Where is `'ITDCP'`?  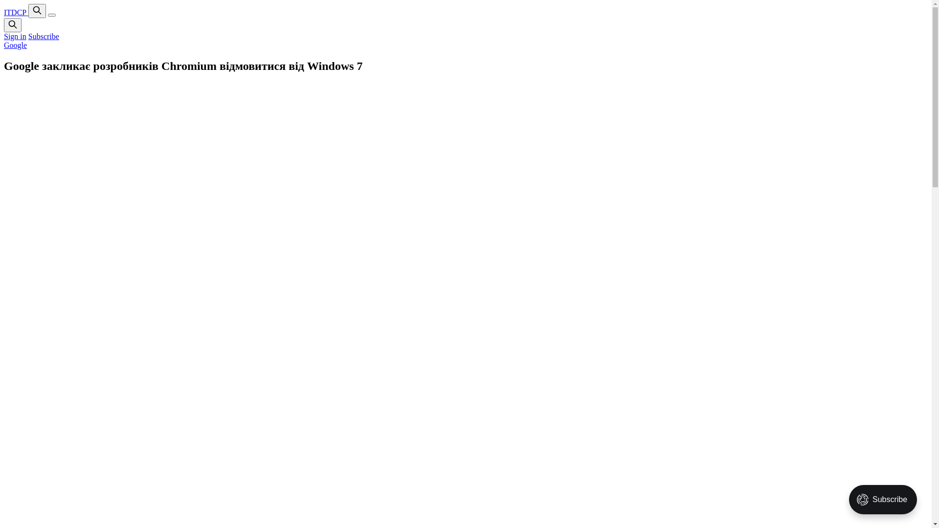
'ITDCP' is located at coordinates (16, 12).